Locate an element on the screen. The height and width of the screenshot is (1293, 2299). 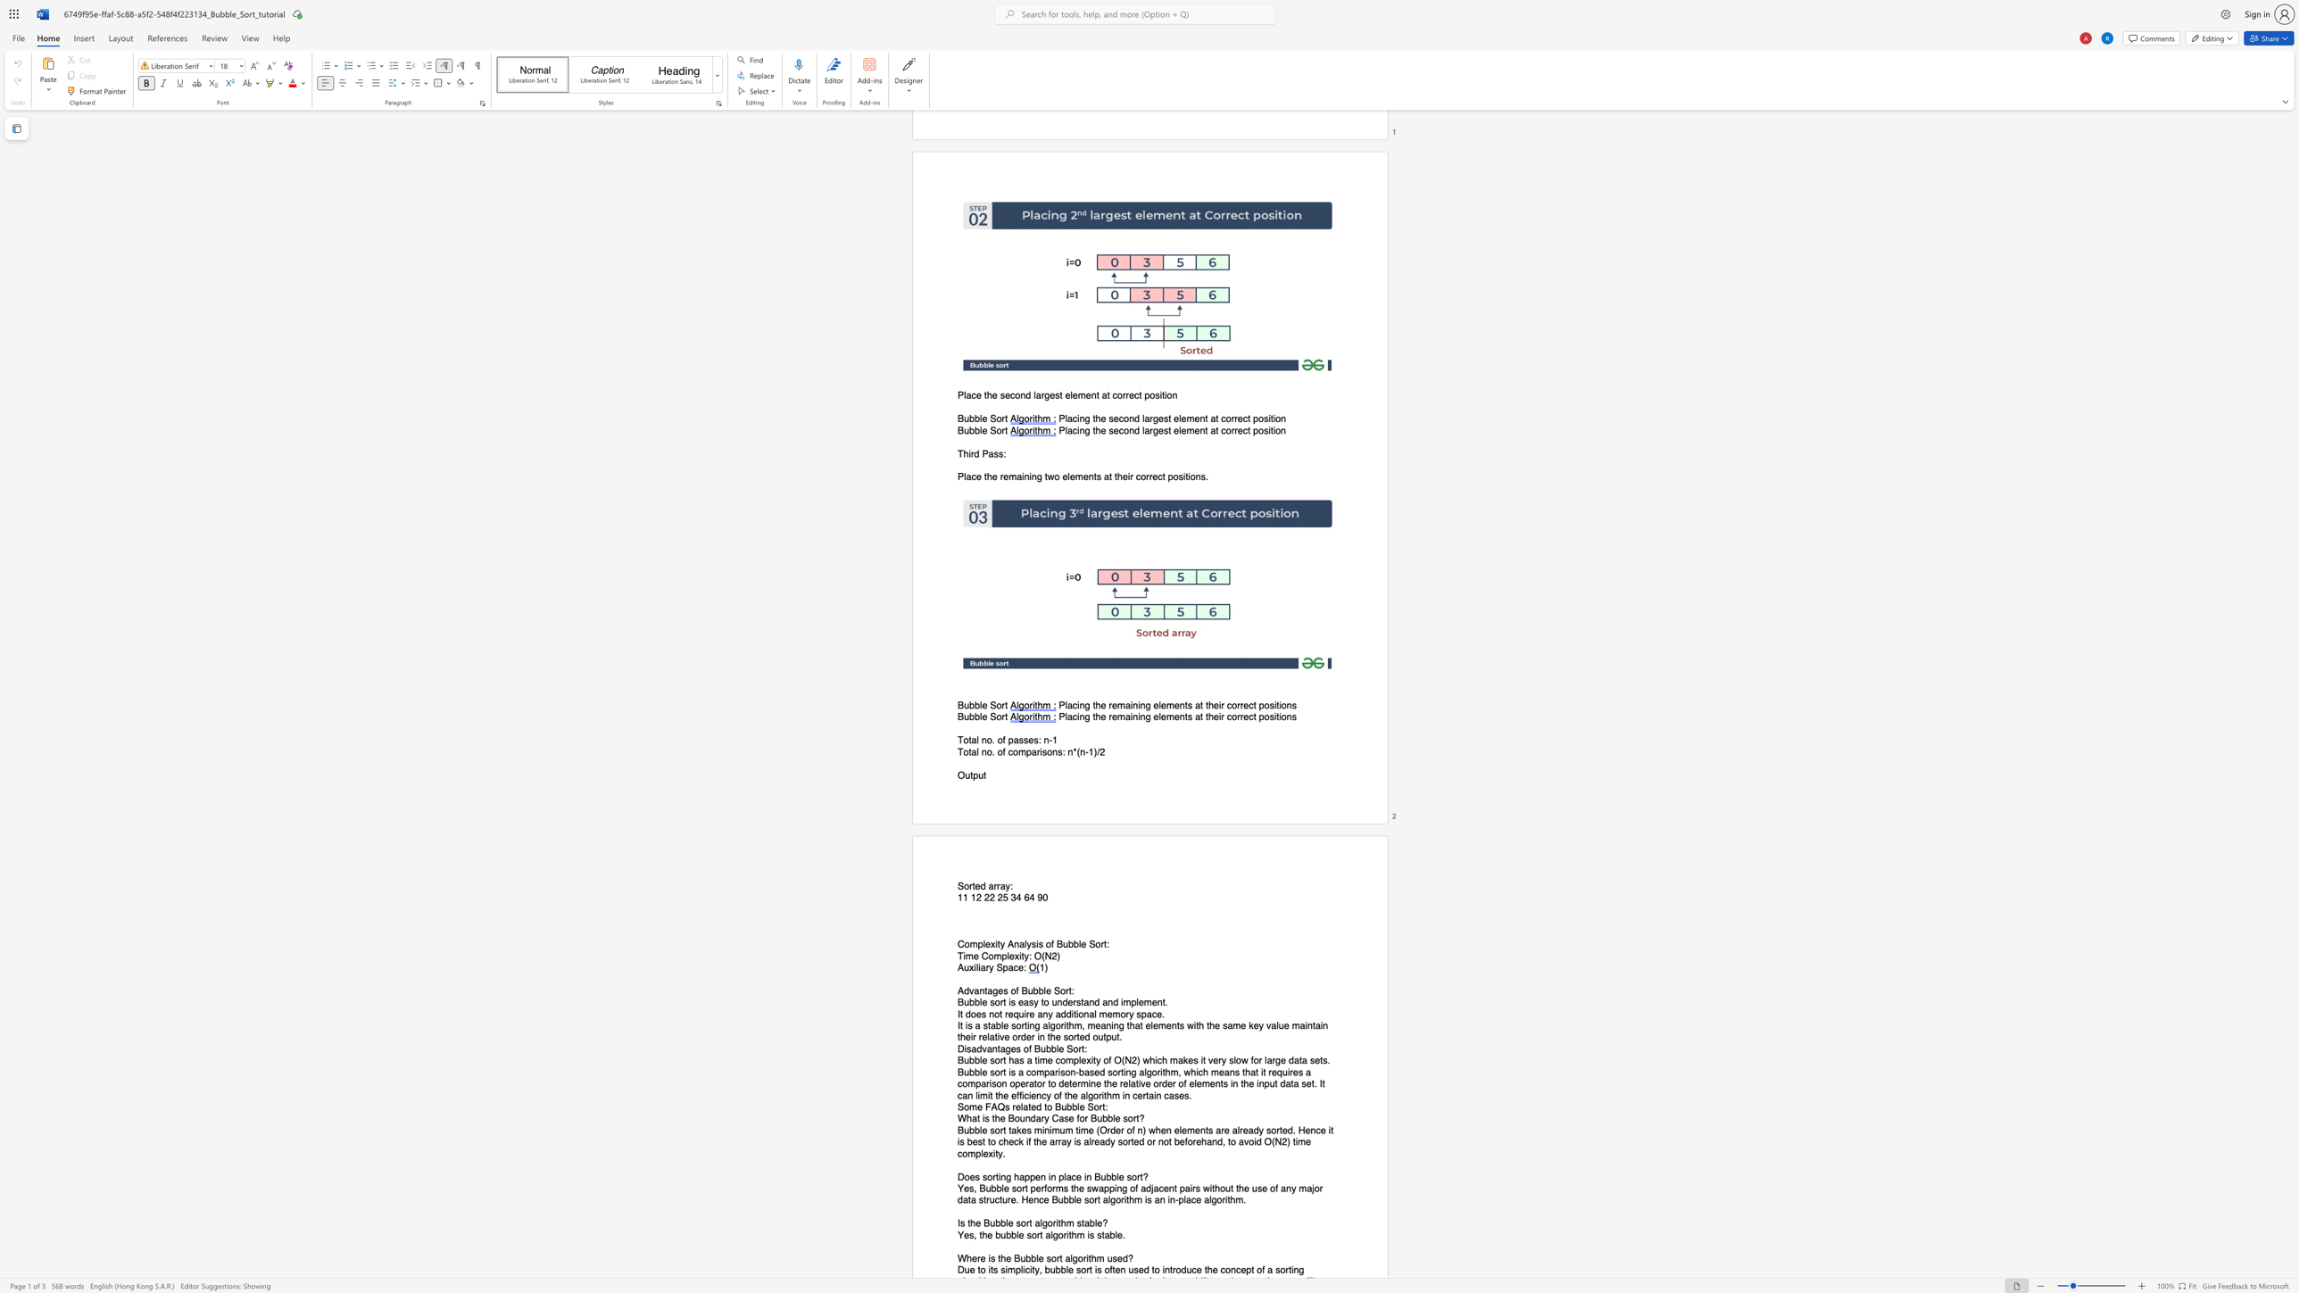
the subset text "e S" within the text "Bubble Sort" is located at coordinates (982, 705).